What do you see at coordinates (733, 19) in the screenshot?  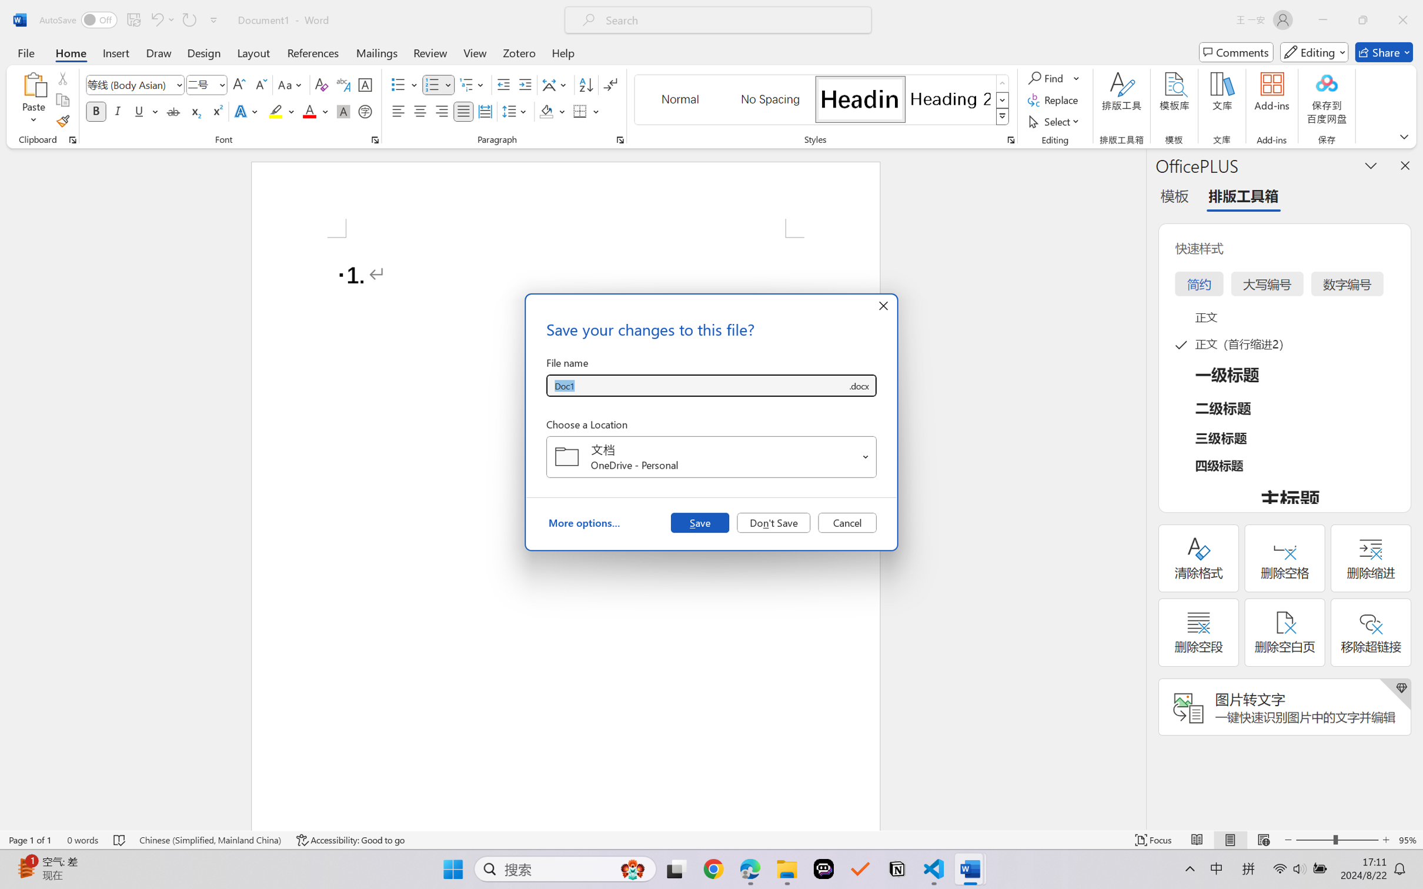 I see `'Microsoft search'` at bounding box center [733, 19].